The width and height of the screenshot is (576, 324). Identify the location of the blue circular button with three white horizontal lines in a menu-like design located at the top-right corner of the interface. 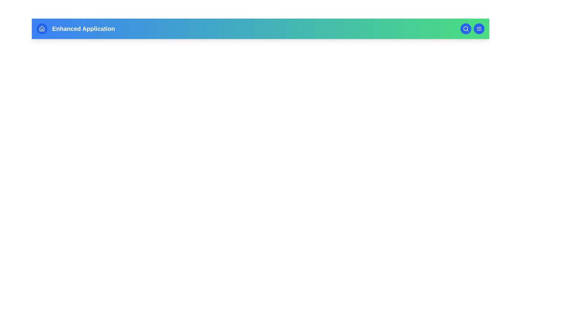
(479, 29).